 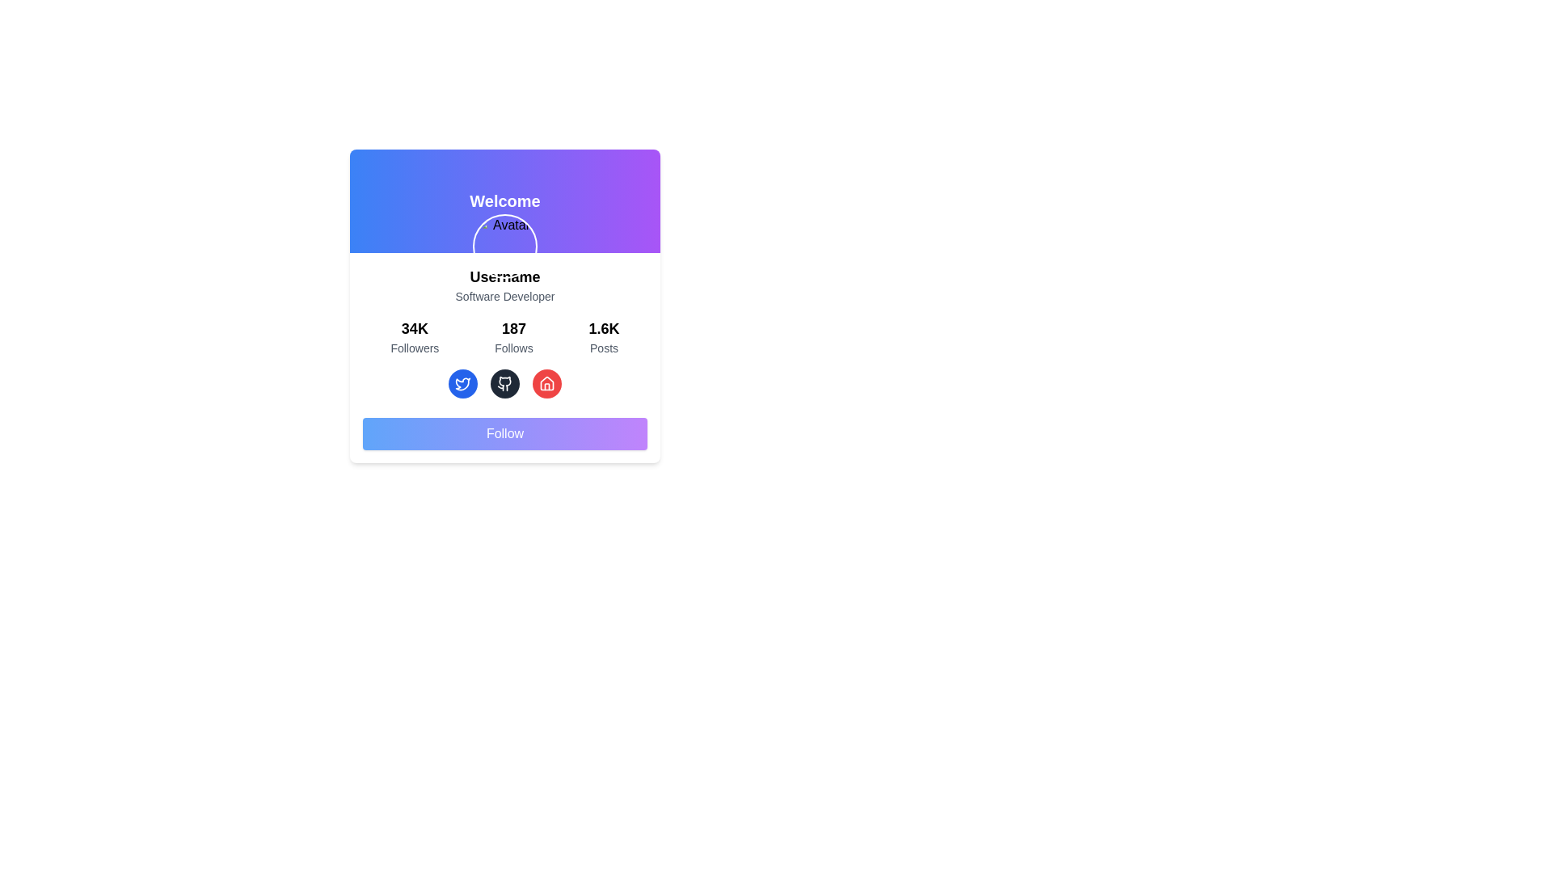 What do you see at coordinates (504, 200) in the screenshot?
I see `text label displaying 'Welcome' which is prominently styled in white against a blue to purple gradient background, located at the top-center of the card UI` at bounding box center [504, 200].